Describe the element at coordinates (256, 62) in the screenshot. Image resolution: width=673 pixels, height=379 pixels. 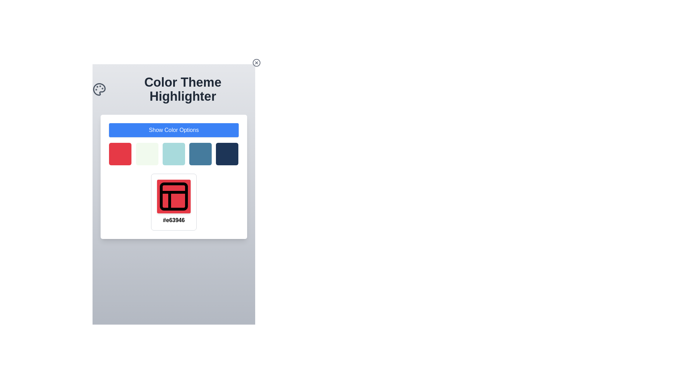
I see `the circular icon component located in the top-right corner of the layout, adjacent to the title 'Color Theme Highlighter'` at that location.